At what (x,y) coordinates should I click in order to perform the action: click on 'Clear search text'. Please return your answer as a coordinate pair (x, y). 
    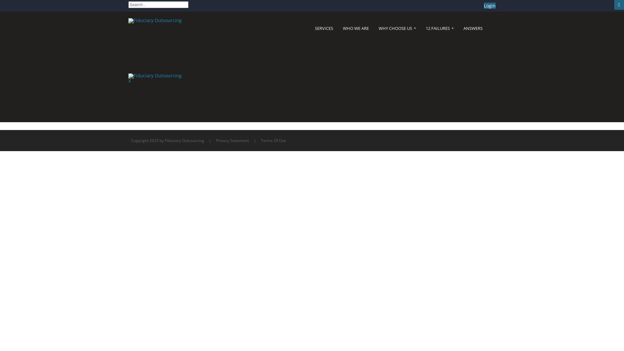
    Looking at the image, I should click on (182, 14).